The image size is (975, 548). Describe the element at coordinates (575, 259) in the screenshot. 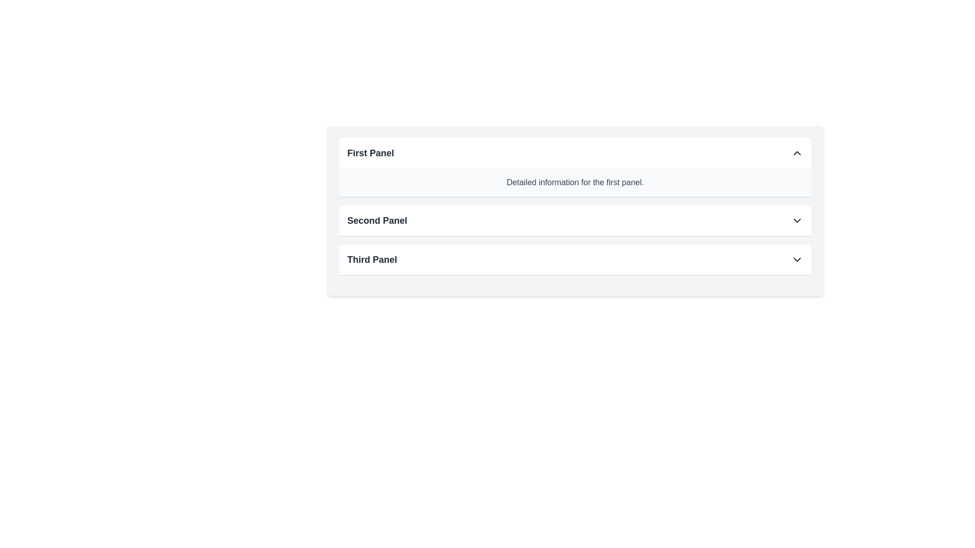

I see `the 'Third Panel' collapsible header` at that location.